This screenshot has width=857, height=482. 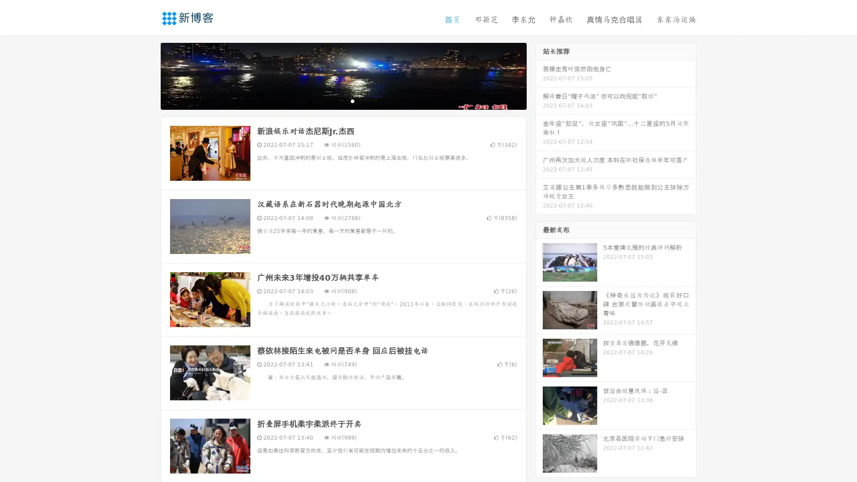 What do you see at coordinates (147, 75) in the screenshot?
I see `Previous slide` at bounding box center [147, 75].